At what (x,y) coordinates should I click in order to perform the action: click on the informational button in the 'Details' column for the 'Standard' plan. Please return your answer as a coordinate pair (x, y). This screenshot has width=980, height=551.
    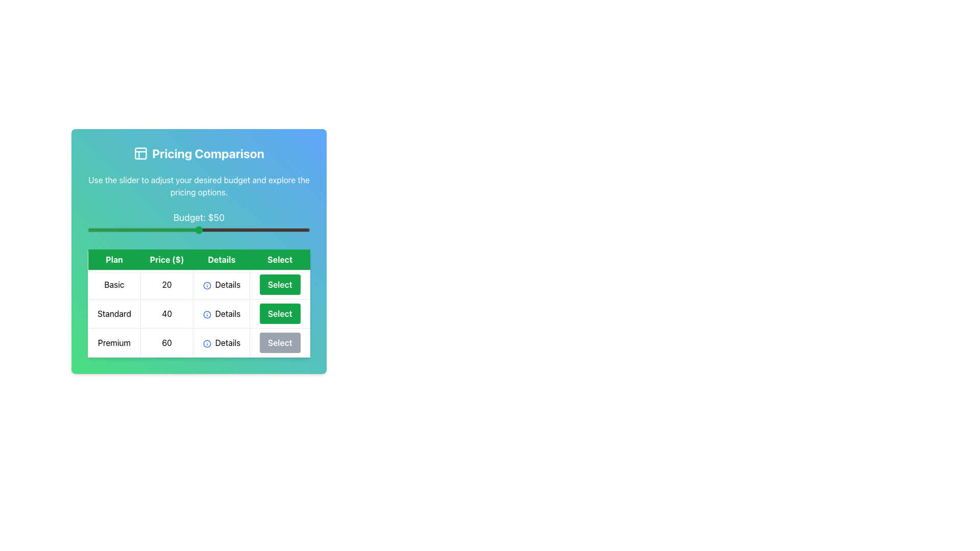
    Looking at the image, I should click on (221, 313).